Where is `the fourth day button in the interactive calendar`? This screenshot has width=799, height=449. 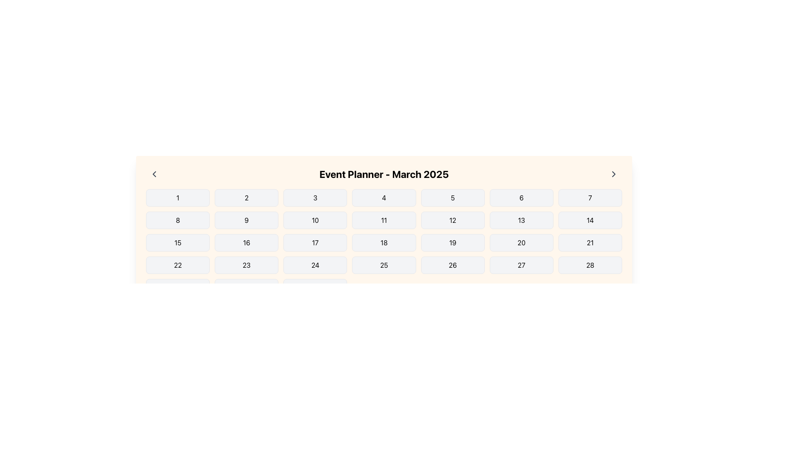 the fourth day button in the interactive calendar is located at coordinates (383, 197).